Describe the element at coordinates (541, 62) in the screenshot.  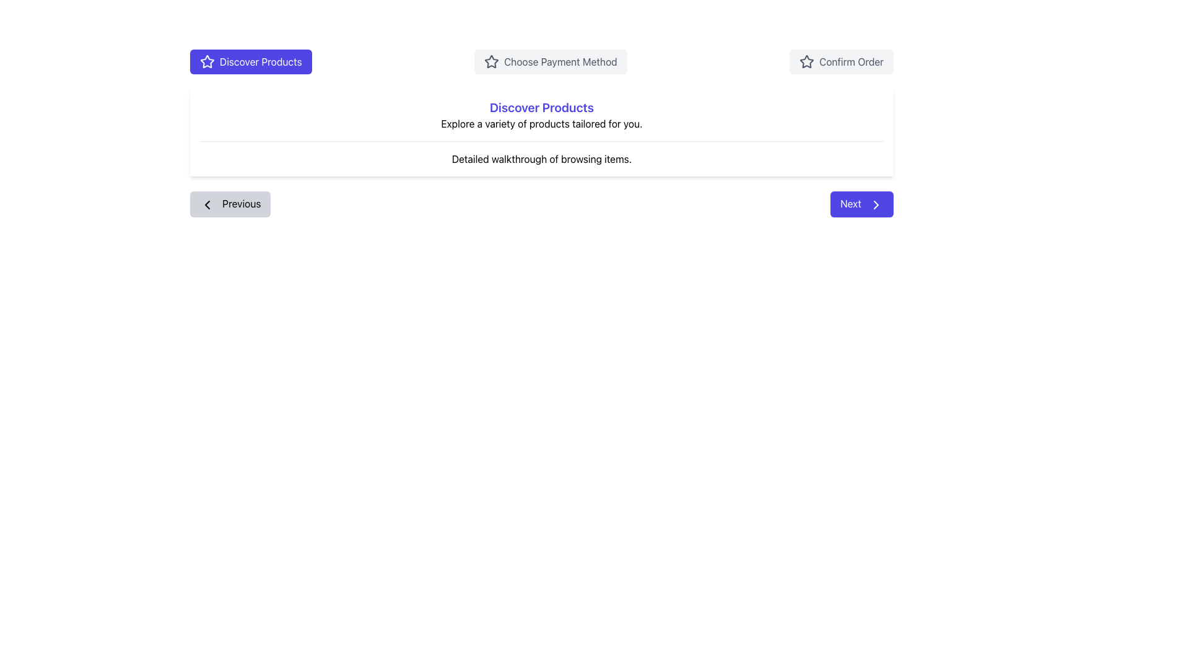
I see `the second tab in the navigation bar` at that location.